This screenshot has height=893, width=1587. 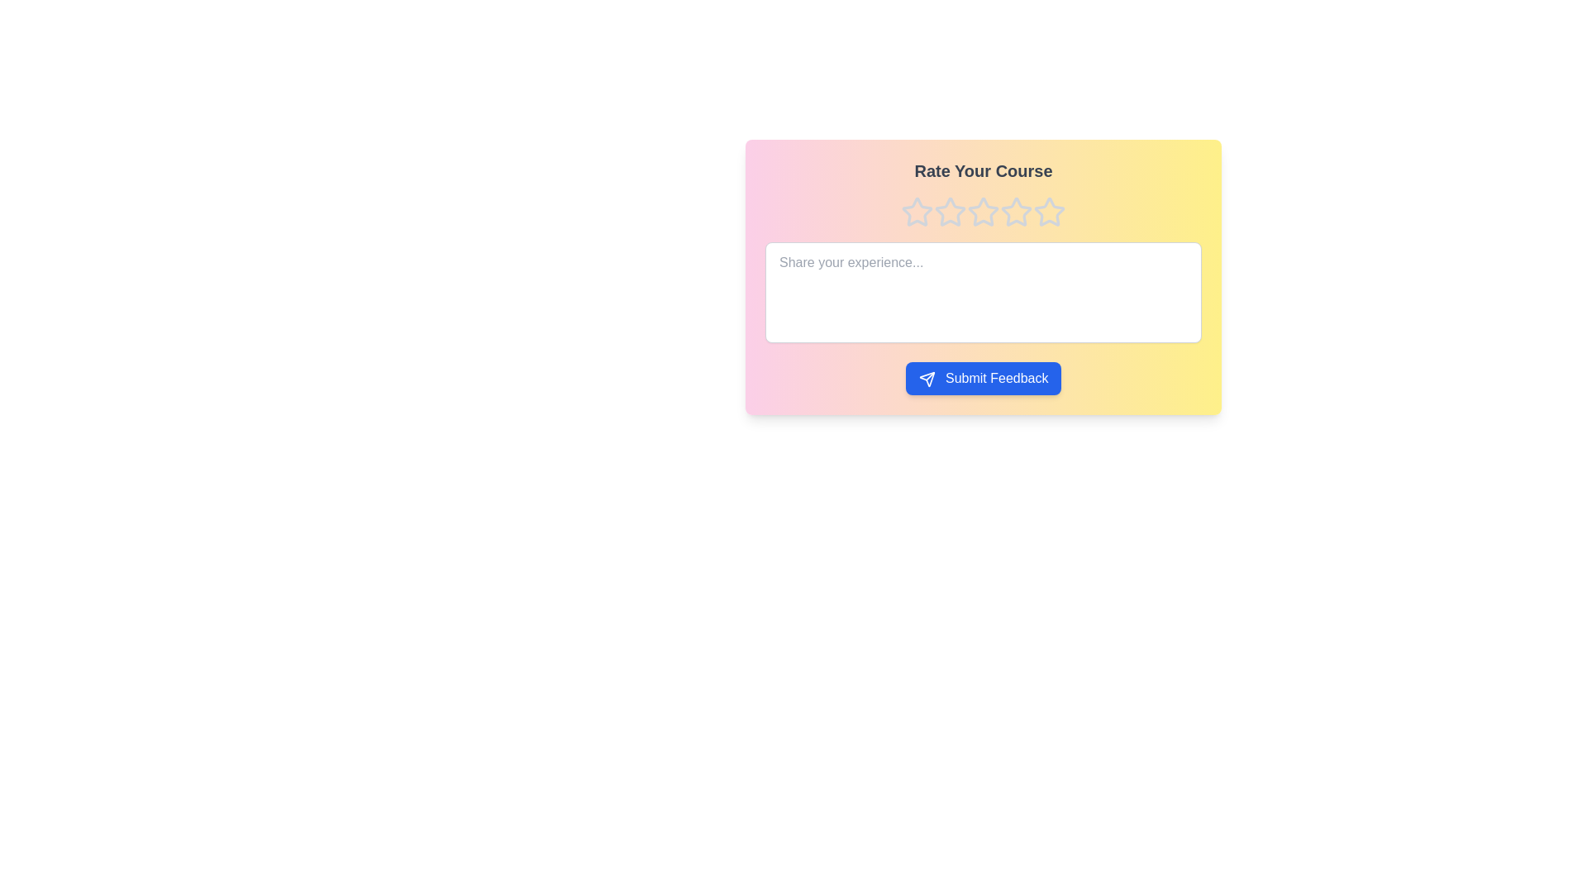 I want to click on the fifth yellow star-shaped rating icon, so click(x=1047, y=210).